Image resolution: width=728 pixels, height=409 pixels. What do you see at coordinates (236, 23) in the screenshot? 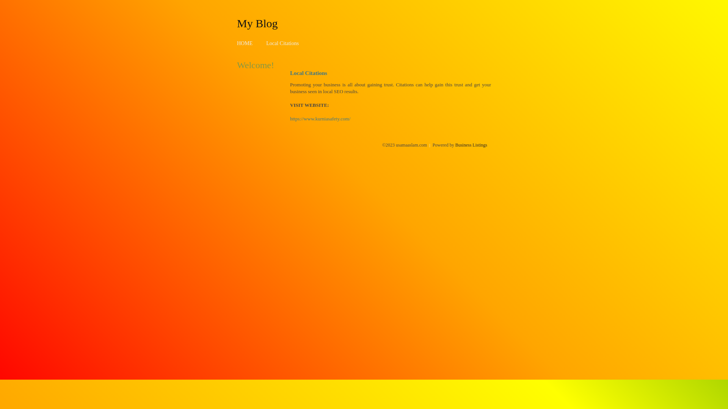
I see `'My Blog'` at bounding box center [236, 23].